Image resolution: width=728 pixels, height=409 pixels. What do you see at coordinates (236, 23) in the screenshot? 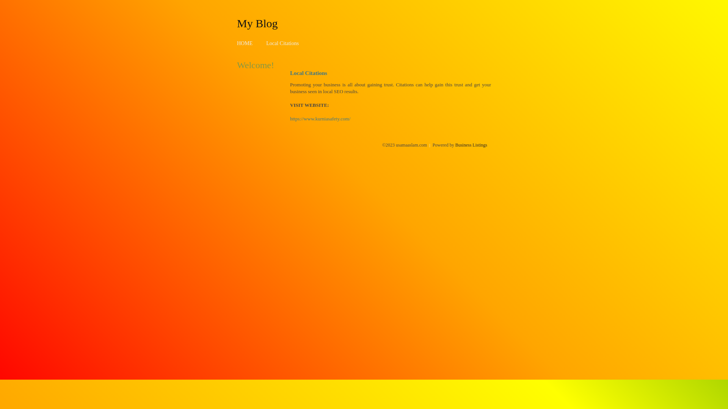
I see `'My Blog'` at bounding box center [236, 23].